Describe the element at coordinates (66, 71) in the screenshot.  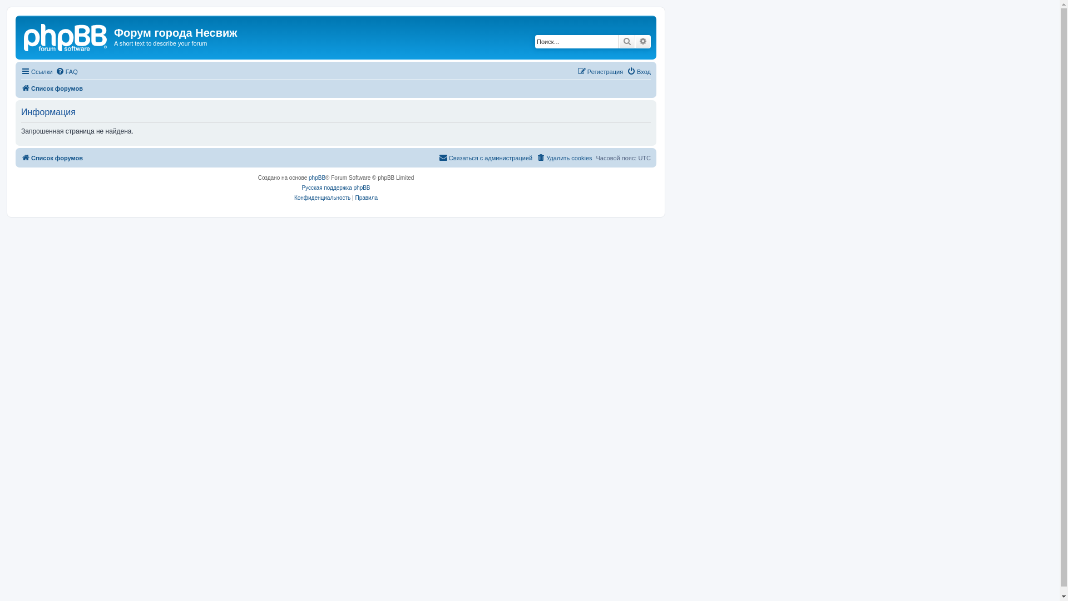
I see `'FAQ'` at that location.